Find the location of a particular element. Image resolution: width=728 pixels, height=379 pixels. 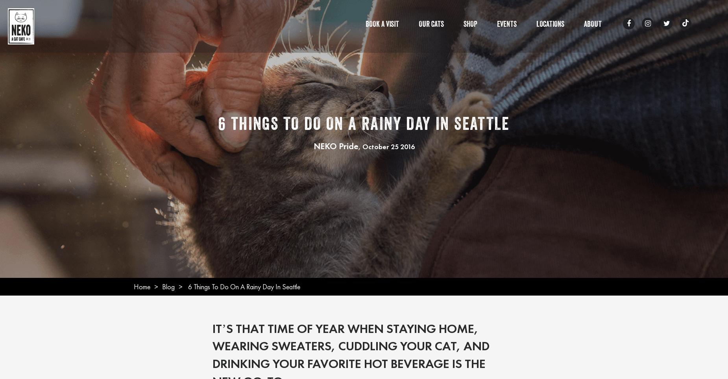

'NEKO Pride' is located at coordinates (313, 145).